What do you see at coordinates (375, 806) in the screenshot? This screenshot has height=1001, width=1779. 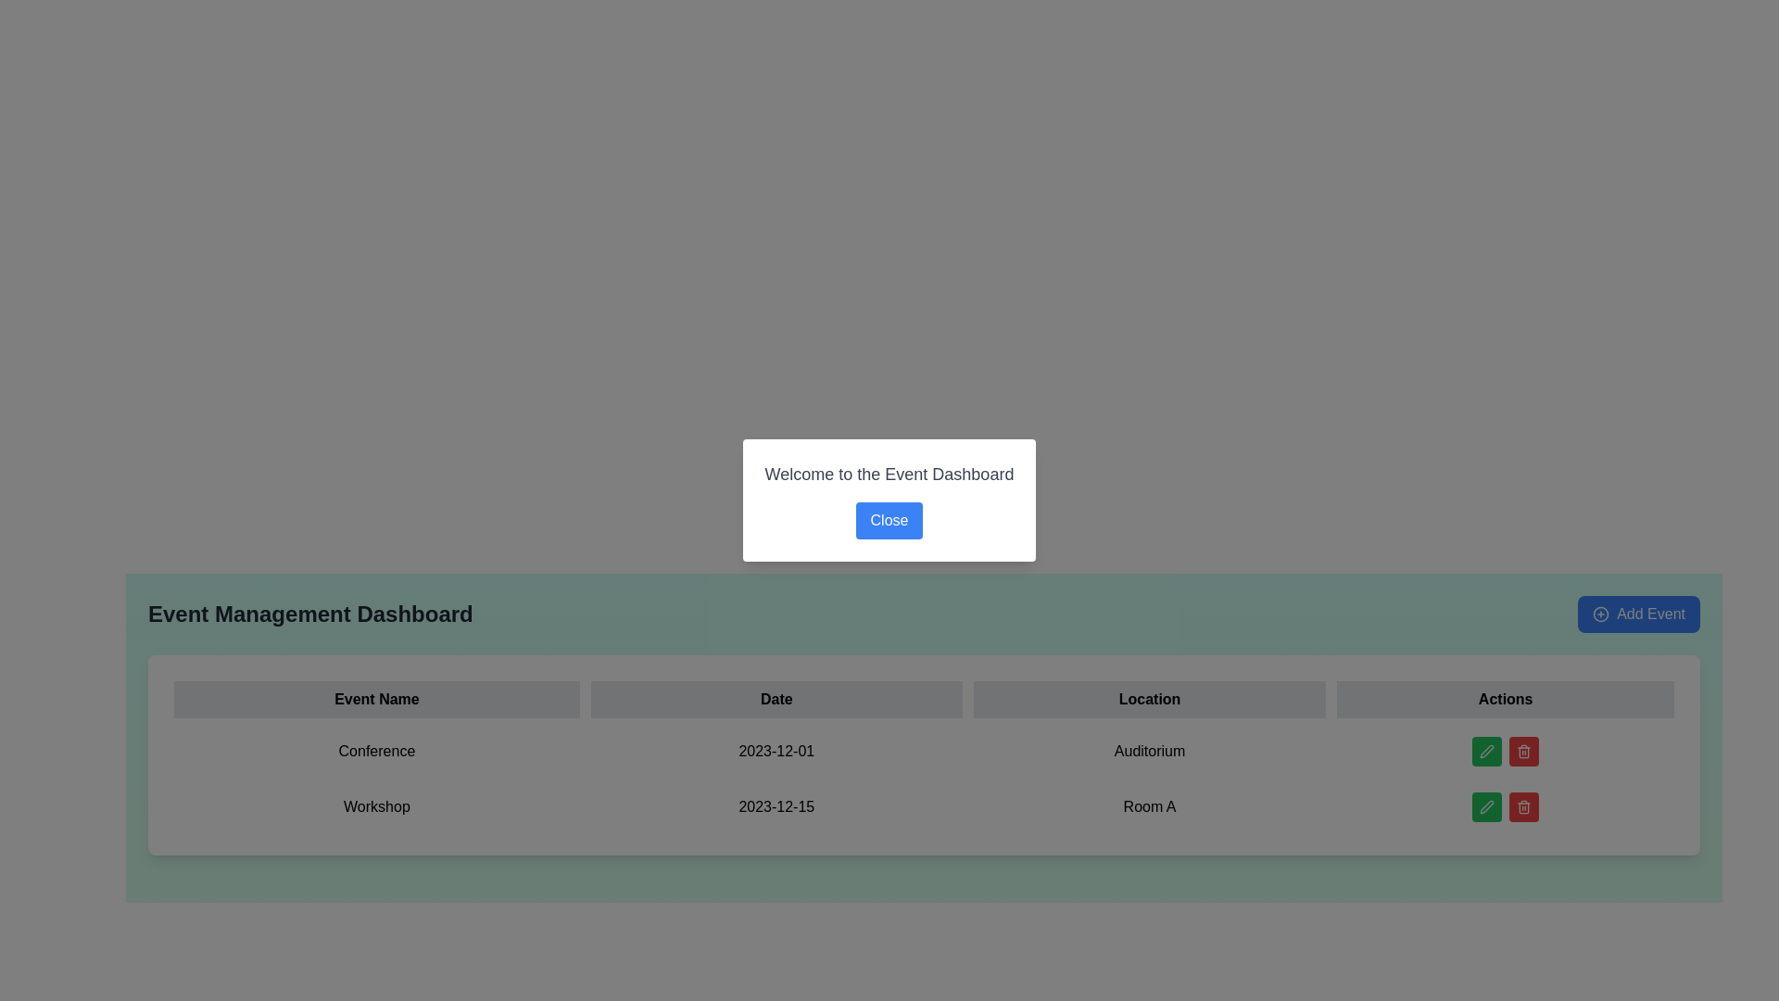 I see `the 'Workshop' text label in the 'Event Name' column of the event management dashboard interface` at bounding box center [375, 806].